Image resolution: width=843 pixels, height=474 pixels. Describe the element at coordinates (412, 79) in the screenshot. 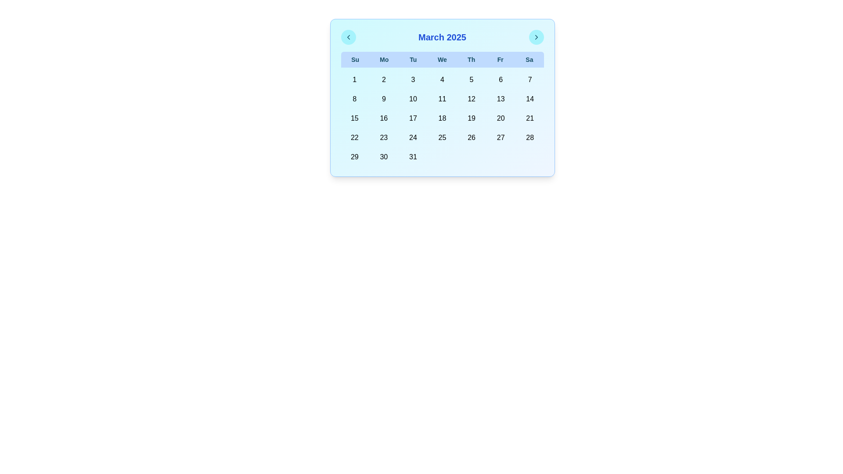

I see `the interactive calendar date cell displaying the number '3' with a light cyan background` at that location.